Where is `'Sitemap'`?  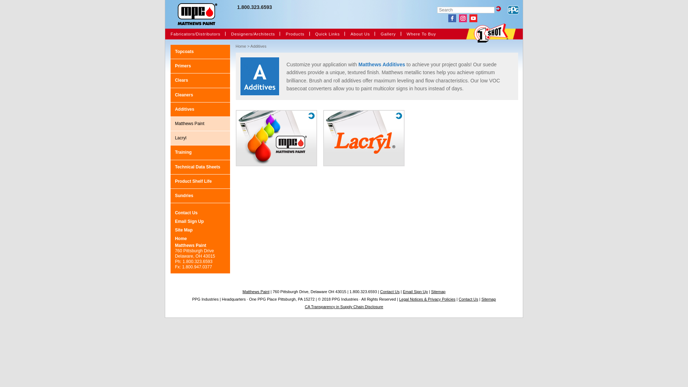
'Sitemap' is located at coordinates (481, 299).